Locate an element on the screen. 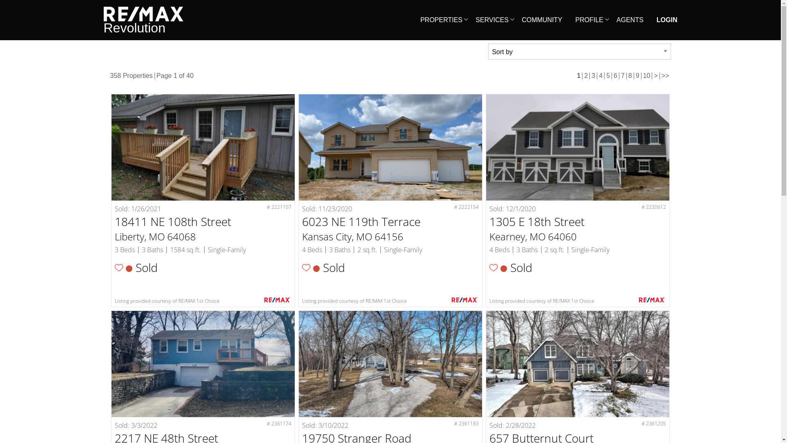 This screenshot has width=787, height=443. 'Revolution' is located at coordinates (143, 20).